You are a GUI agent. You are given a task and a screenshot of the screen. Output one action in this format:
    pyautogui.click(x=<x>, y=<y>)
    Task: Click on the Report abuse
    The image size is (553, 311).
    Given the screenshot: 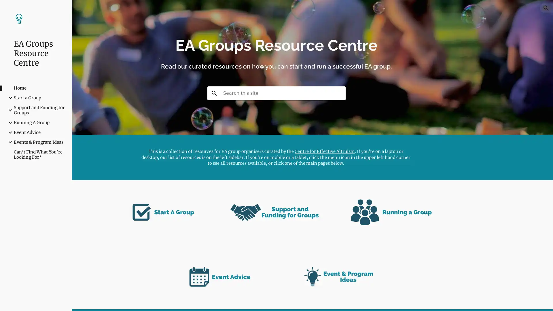 What is the action you would take?
    pyautogui.click(x=117, y=301)
    